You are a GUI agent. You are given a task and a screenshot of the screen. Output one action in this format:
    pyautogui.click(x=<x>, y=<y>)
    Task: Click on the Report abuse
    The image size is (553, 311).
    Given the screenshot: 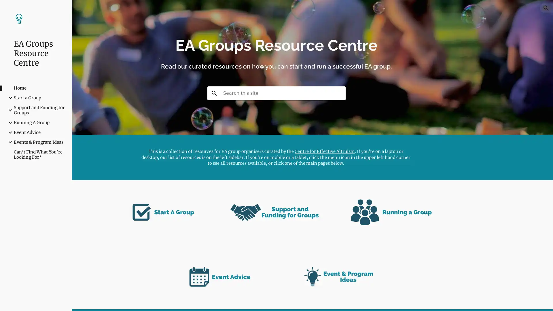 What is the action you would take?
    pyautogui.click(x=117, y=301)
    